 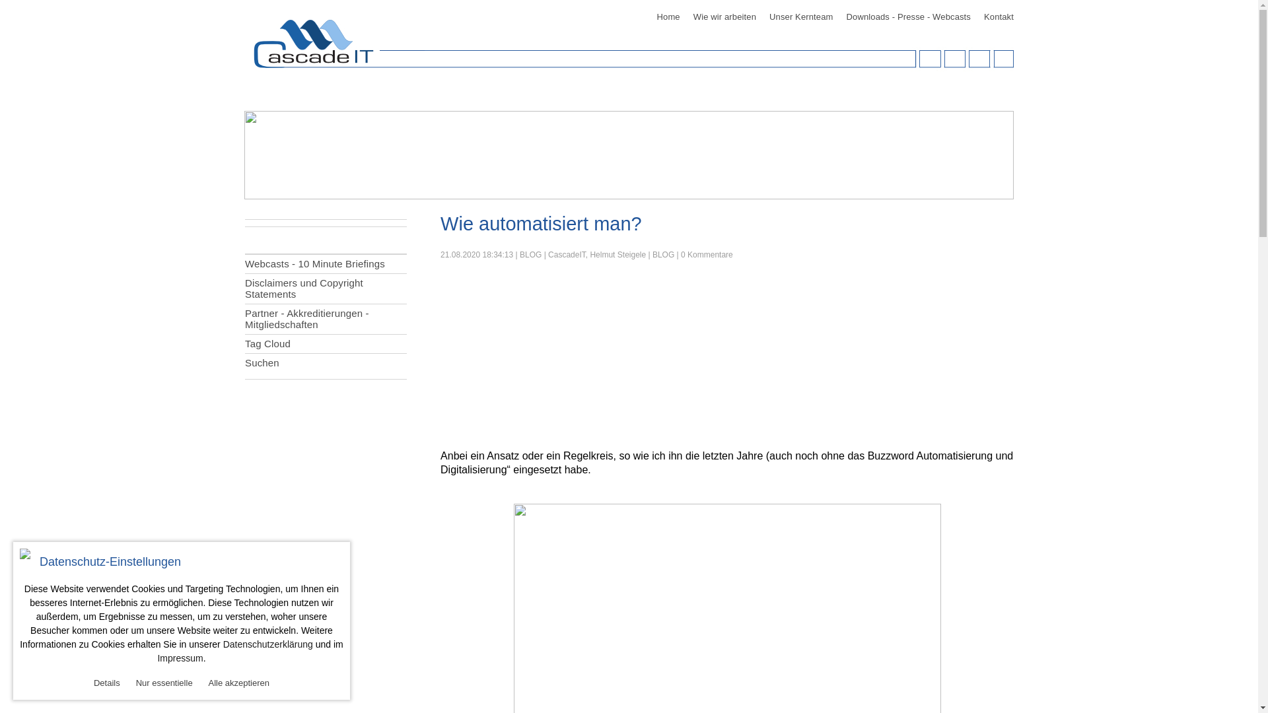 What do you see at coordinates (326, 287) in the screenshot?
I see `'Disclaimers und Copyright Statements'` at bounding box center [326, 287].